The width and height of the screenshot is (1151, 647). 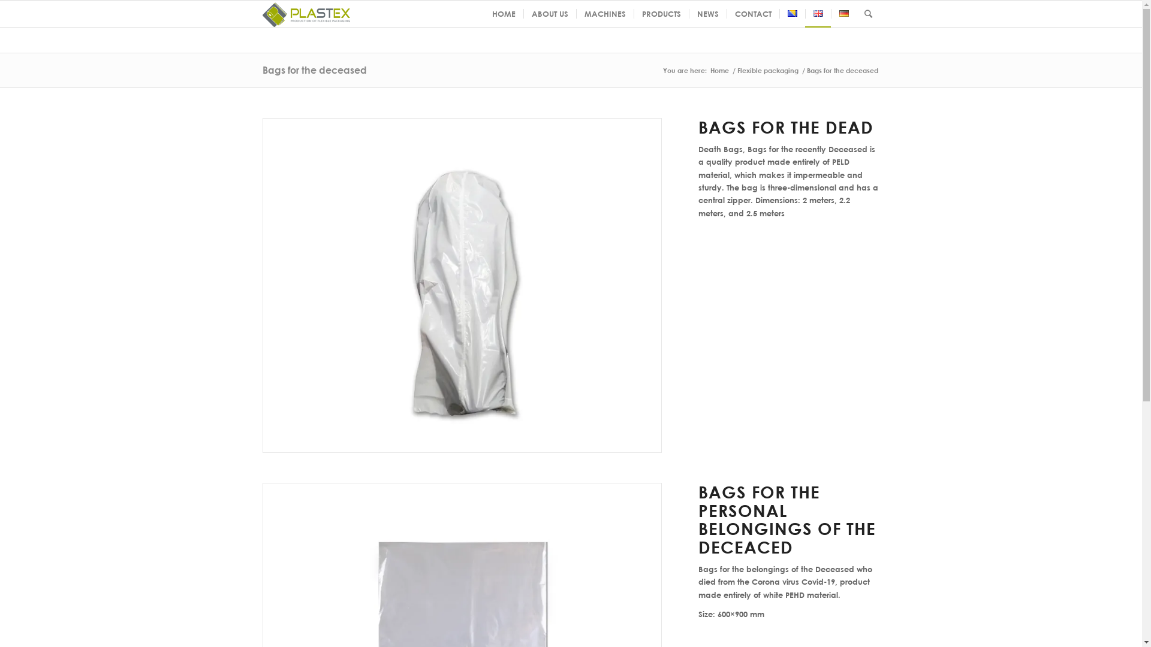 I want to click on 'HOME', so click(x=504, y=14).